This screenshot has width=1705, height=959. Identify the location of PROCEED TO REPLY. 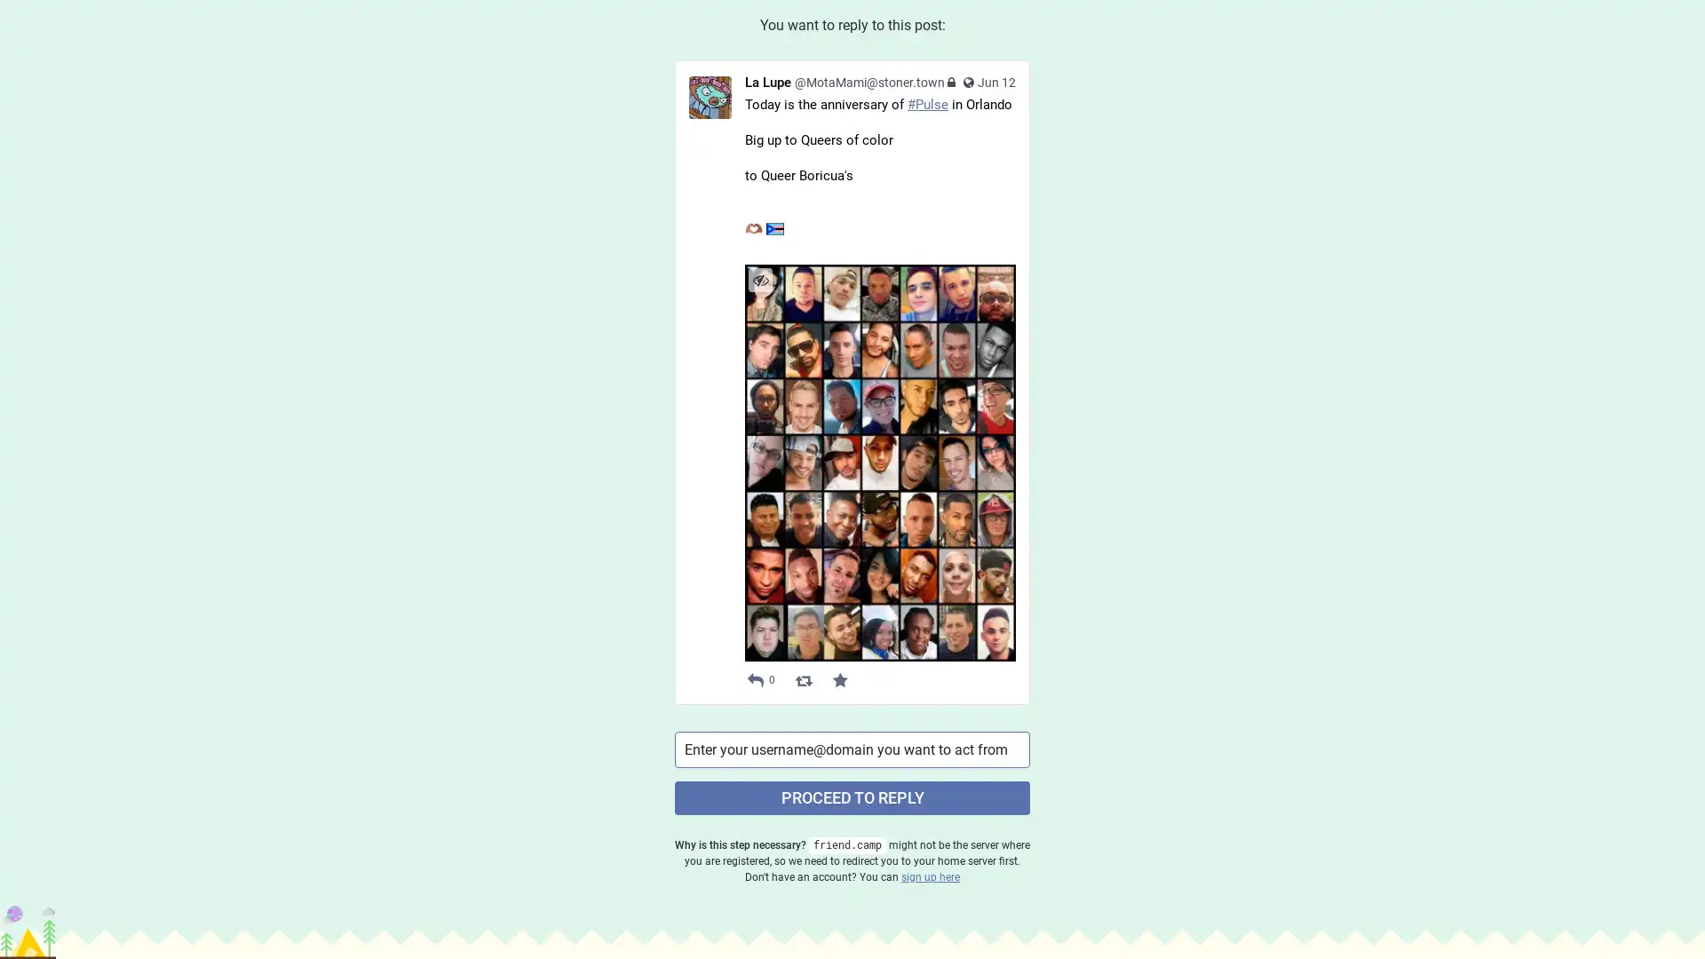
(852, 797).